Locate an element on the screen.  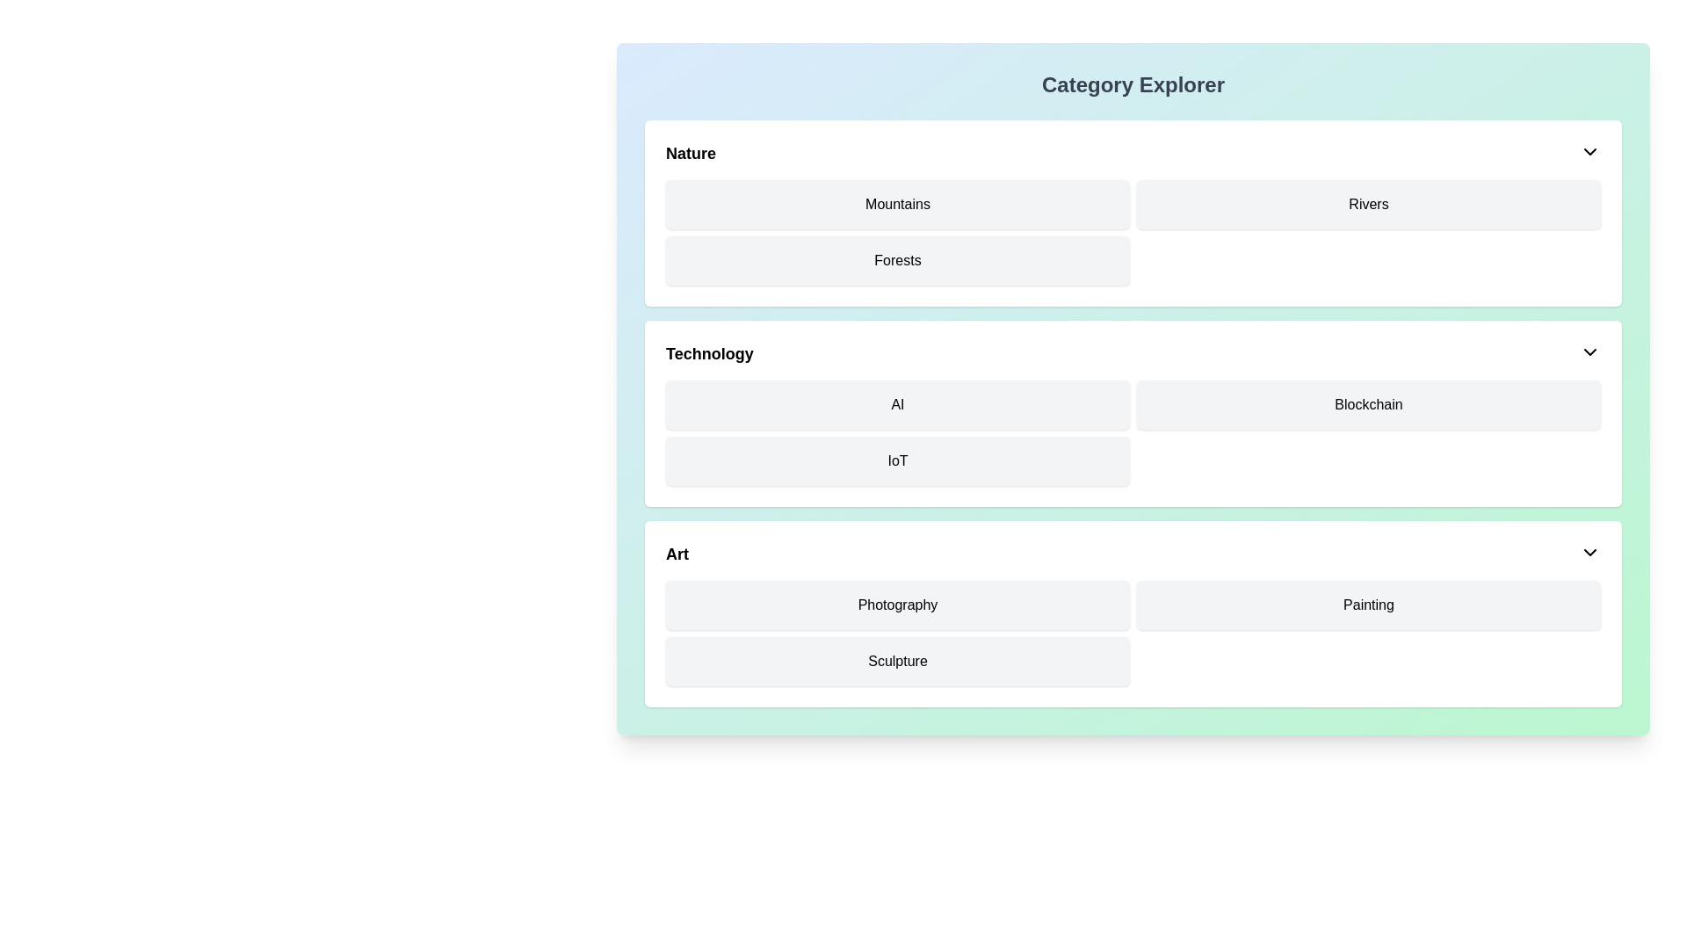
the 'Forests' label/button in the second row of the 'Nature' section is located at coordinates (898, 261).